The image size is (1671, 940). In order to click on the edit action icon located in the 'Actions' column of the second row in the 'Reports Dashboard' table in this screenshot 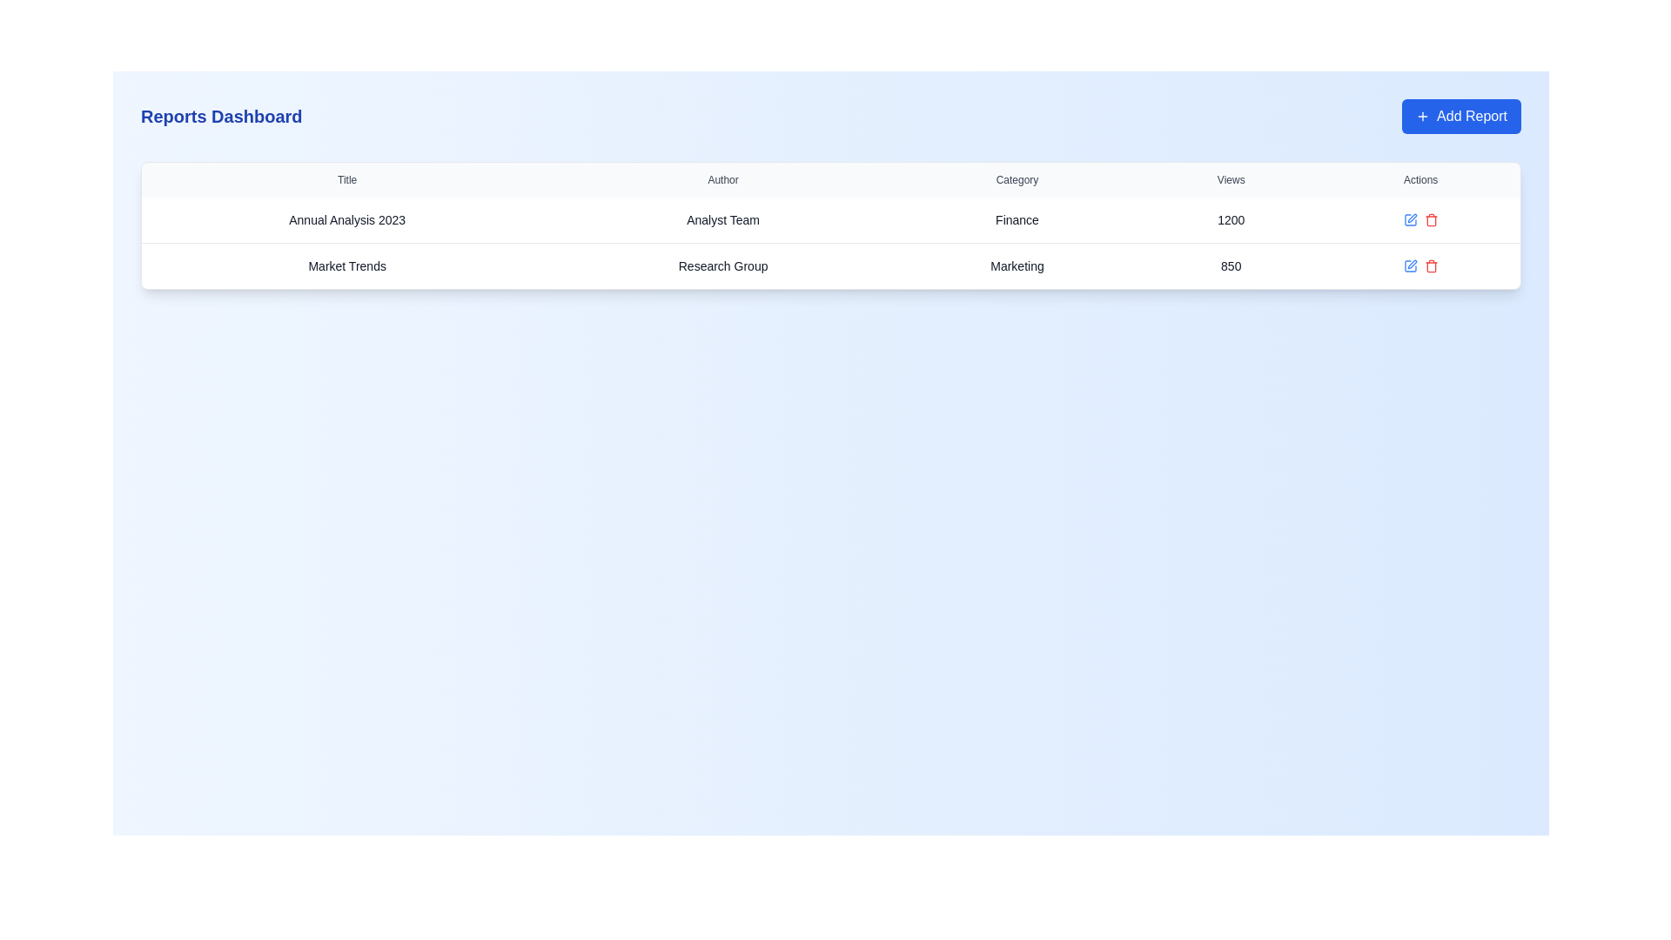, I will do `click(1410, 265)`.